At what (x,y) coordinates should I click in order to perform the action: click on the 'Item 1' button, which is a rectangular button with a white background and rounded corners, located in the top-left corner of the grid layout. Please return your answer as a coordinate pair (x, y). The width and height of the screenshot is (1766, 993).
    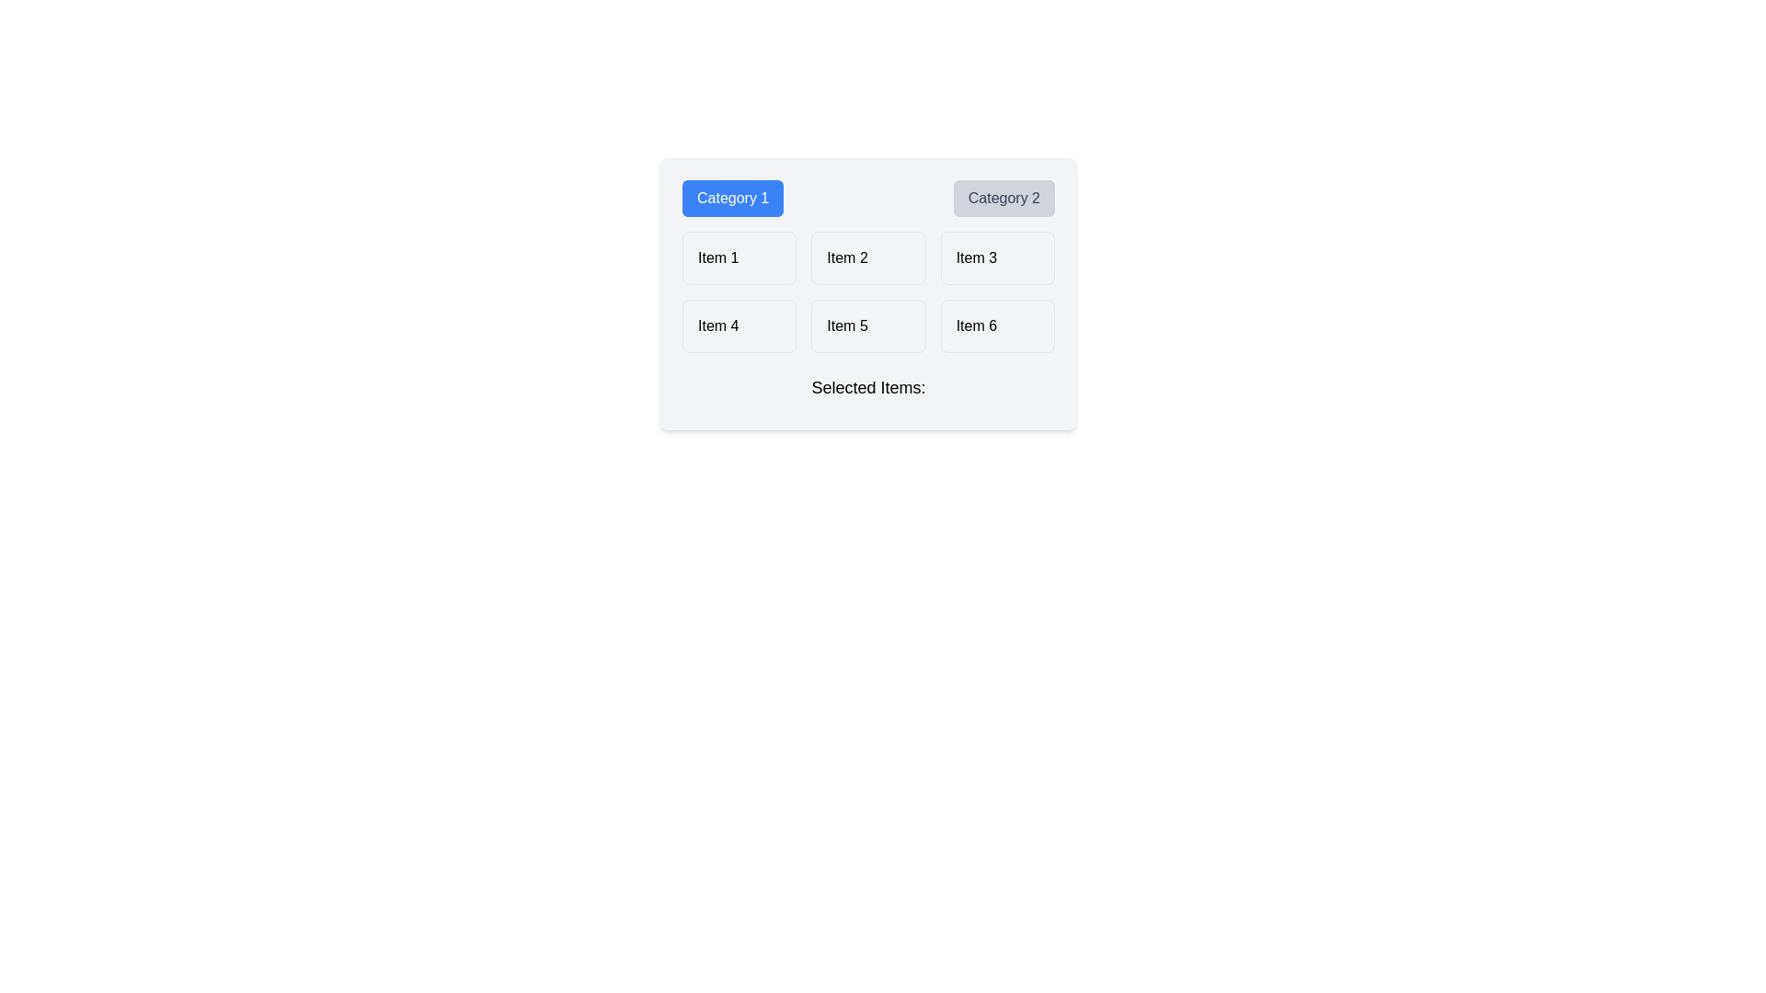
    Looking at the image, I should click on (740, 258).